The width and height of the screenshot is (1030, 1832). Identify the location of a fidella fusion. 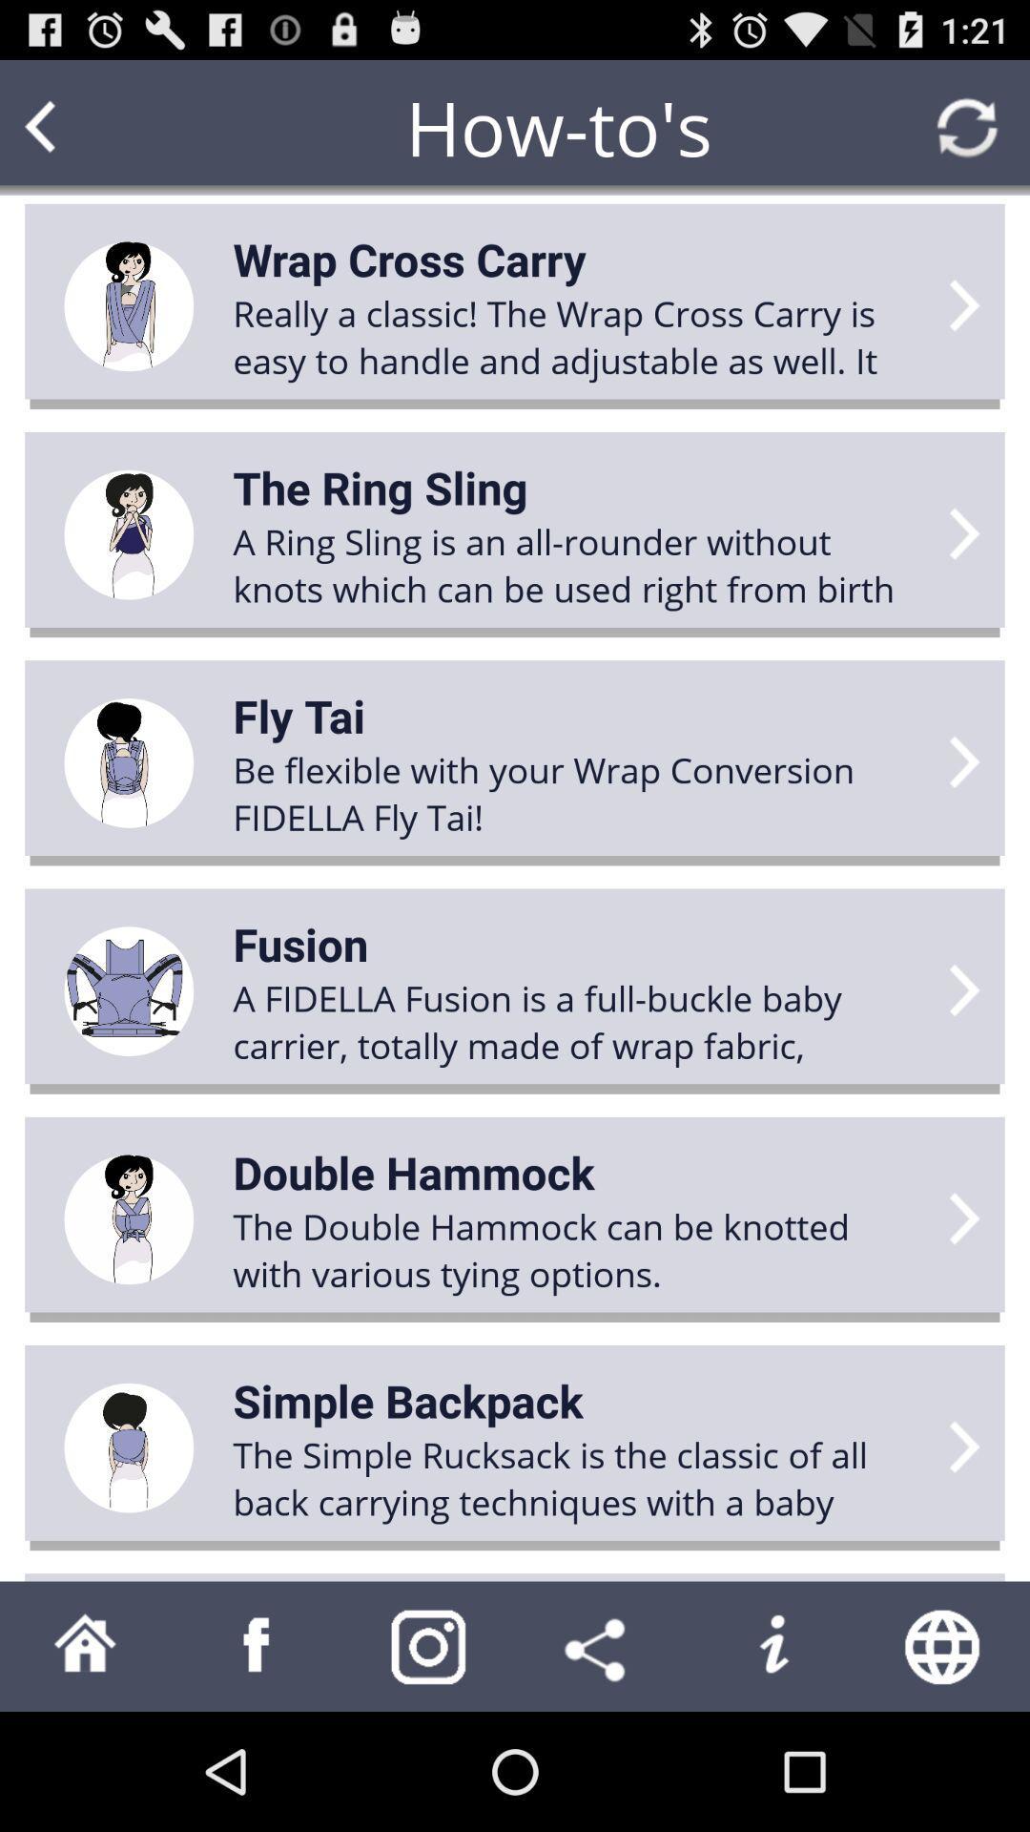
(578, 1020).